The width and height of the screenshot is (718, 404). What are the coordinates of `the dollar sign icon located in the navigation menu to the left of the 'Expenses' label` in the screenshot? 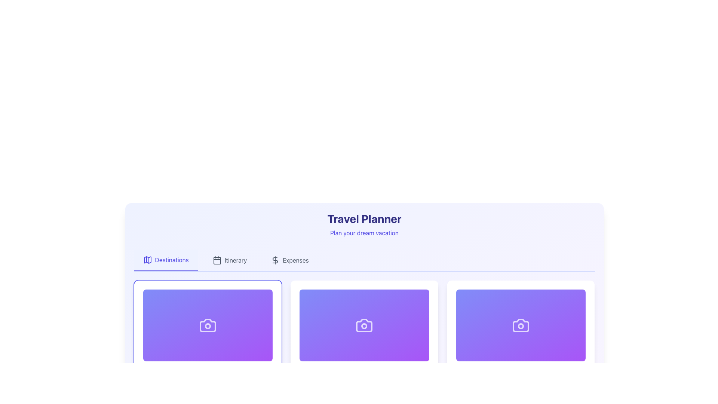 It's located at (275, 260).